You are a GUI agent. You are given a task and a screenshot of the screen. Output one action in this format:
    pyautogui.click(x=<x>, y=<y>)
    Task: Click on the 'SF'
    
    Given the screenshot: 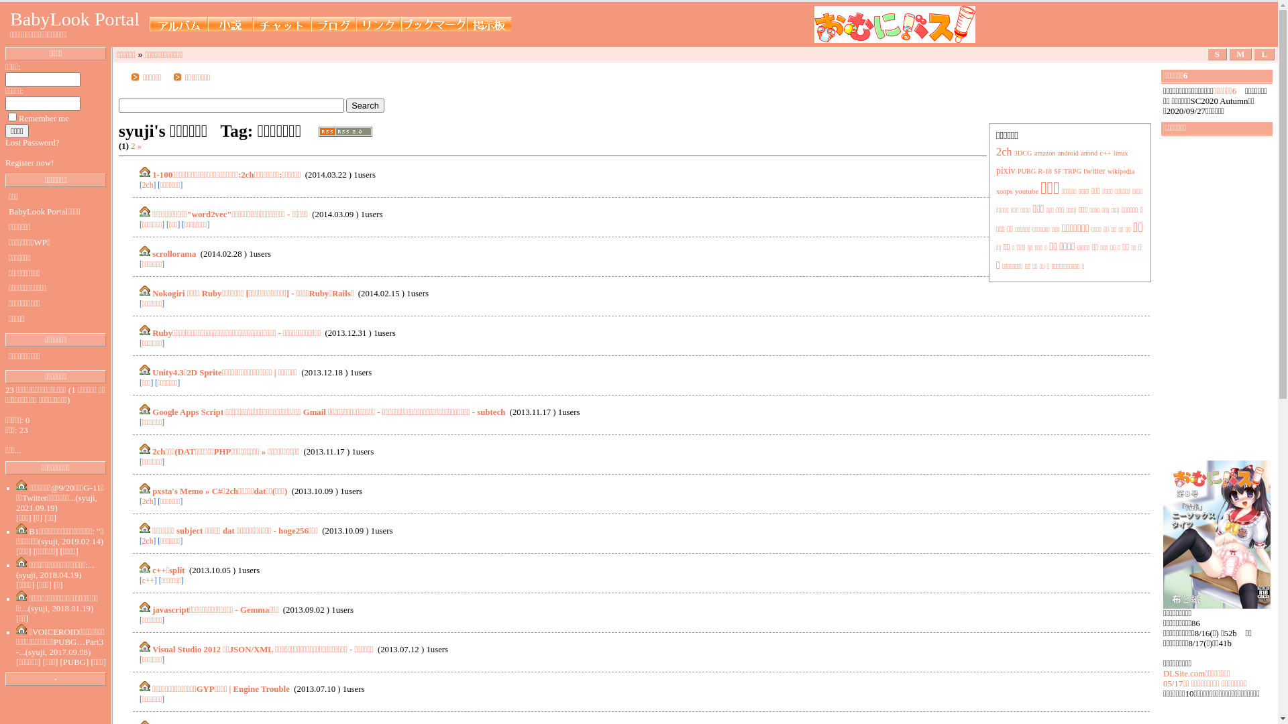 What is the action you would take?
    pyautogui.click(x=1053, y=170)
    